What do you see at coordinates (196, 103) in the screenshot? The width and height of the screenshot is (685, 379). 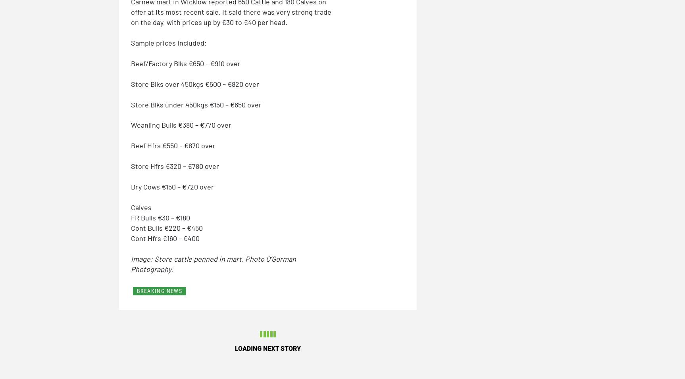 I see `'Store Blks under 450kgs €150 – €650 over'` at bounding box center [196, 103].